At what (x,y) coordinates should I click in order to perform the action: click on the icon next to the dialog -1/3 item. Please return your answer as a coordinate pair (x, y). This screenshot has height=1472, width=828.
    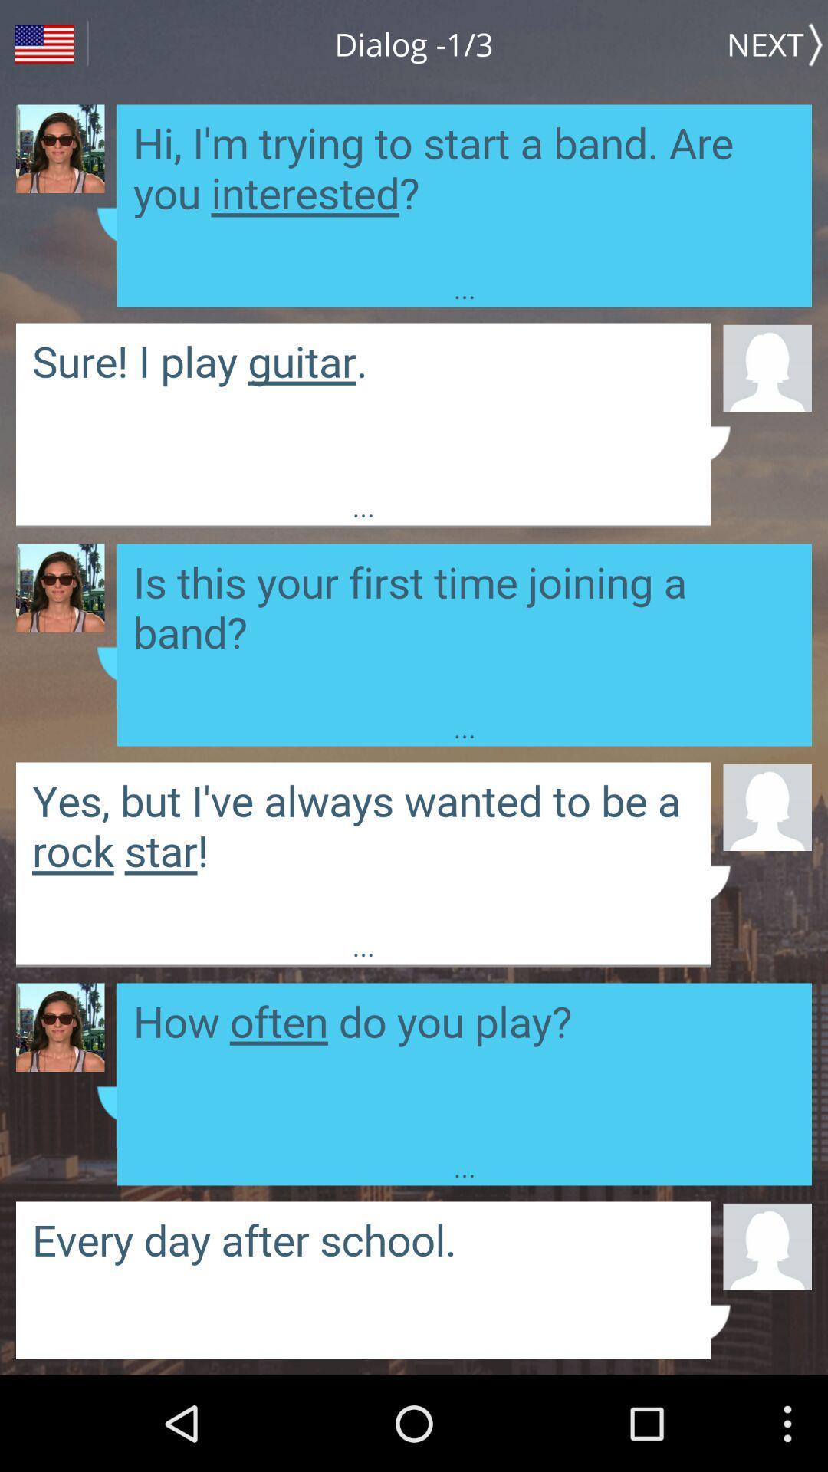
    Looking at the image, I should click on (43, 44).